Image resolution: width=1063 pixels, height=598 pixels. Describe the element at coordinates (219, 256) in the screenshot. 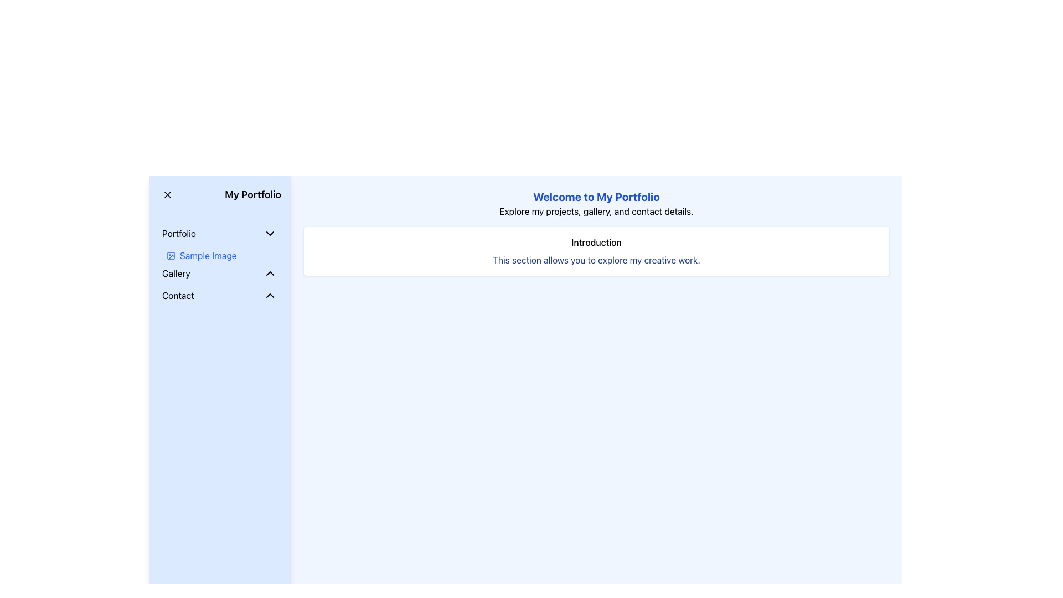

I see `the Text Label with Icon located in the sidebar under the 'Portfolio' section` at that location.